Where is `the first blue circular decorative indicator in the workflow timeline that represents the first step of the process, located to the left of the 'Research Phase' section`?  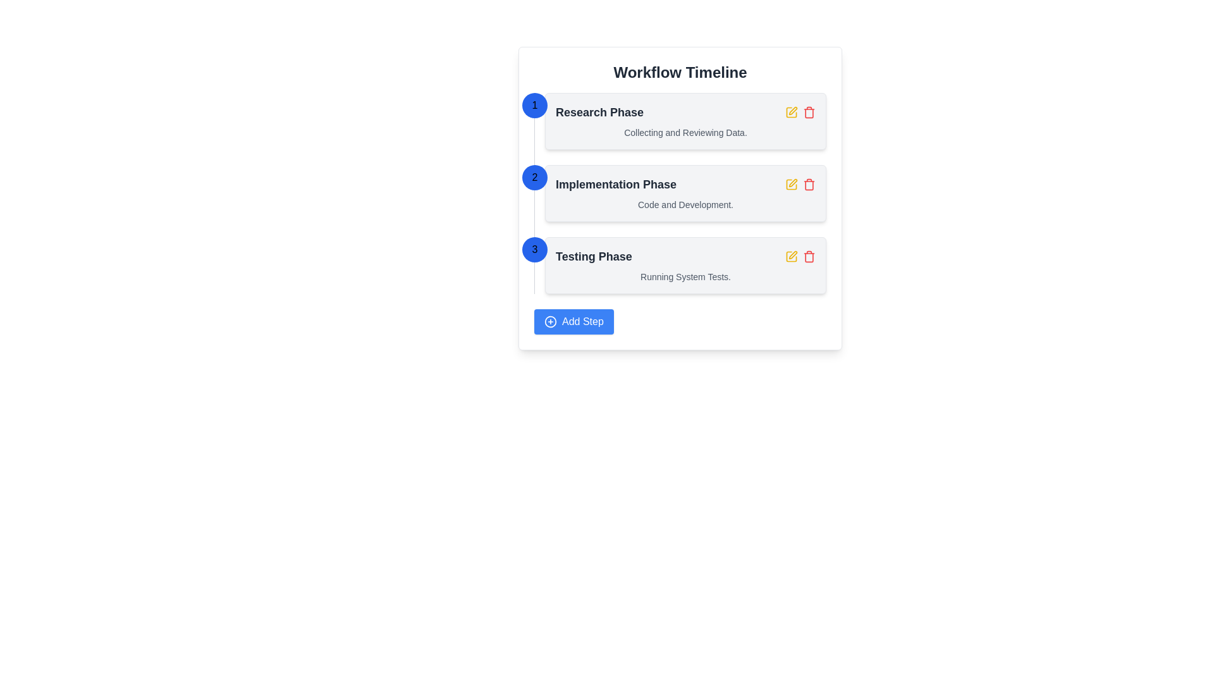 the first blue circular decorative indicator in the workflow timeline that represents the first step of the process, located to the left of the 'Research Phase' section is located at coordinates (534, 104).